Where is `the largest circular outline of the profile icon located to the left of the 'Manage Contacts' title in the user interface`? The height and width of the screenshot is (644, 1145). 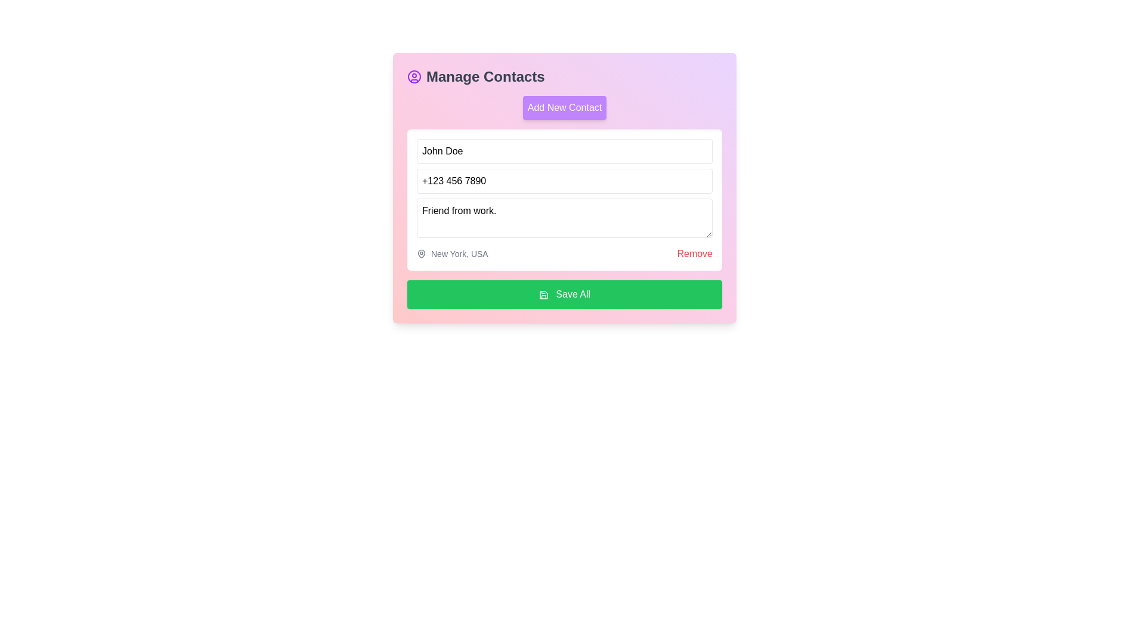 the largest circular outline of the profile icon located to the left of the 'Manage Contacts' title in the user interface is located at coordinates (414, 76).